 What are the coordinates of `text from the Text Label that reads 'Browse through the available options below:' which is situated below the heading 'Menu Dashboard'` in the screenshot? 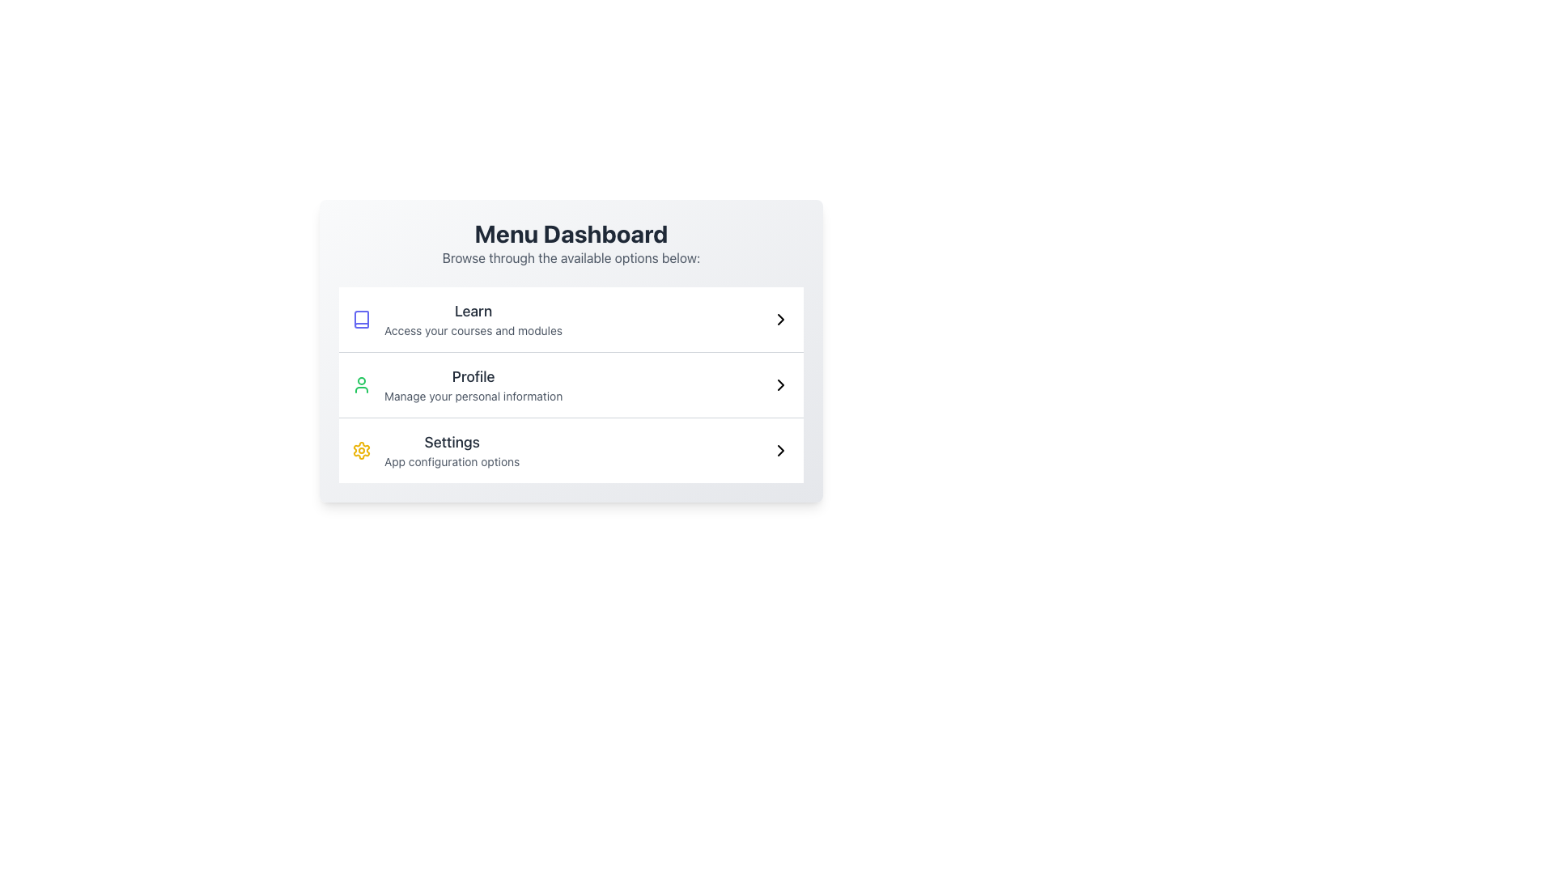 It's located at (571, 257).